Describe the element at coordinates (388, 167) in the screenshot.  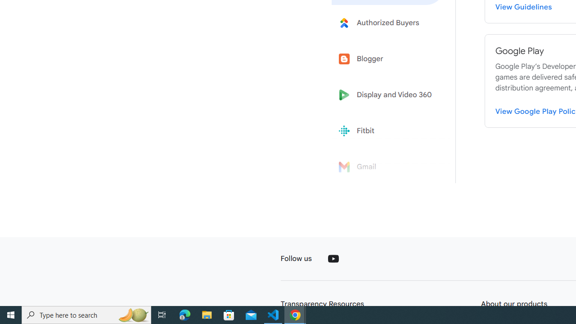
I see `'Gmail'` at that location.